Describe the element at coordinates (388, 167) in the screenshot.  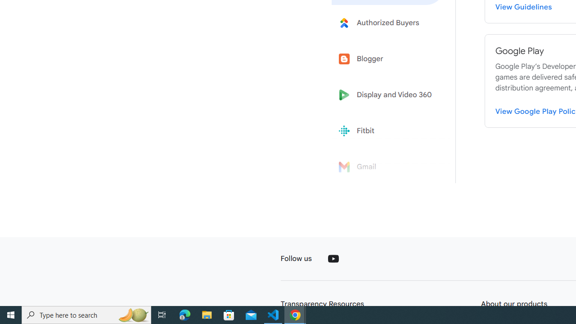
I see `'Gmail'` at that location.